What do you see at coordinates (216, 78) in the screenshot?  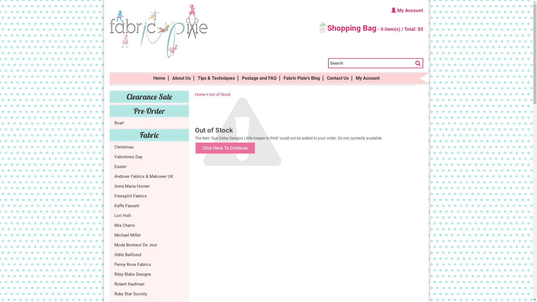 I see `'Tips & Techniques'` at bounding box center [216, 78].